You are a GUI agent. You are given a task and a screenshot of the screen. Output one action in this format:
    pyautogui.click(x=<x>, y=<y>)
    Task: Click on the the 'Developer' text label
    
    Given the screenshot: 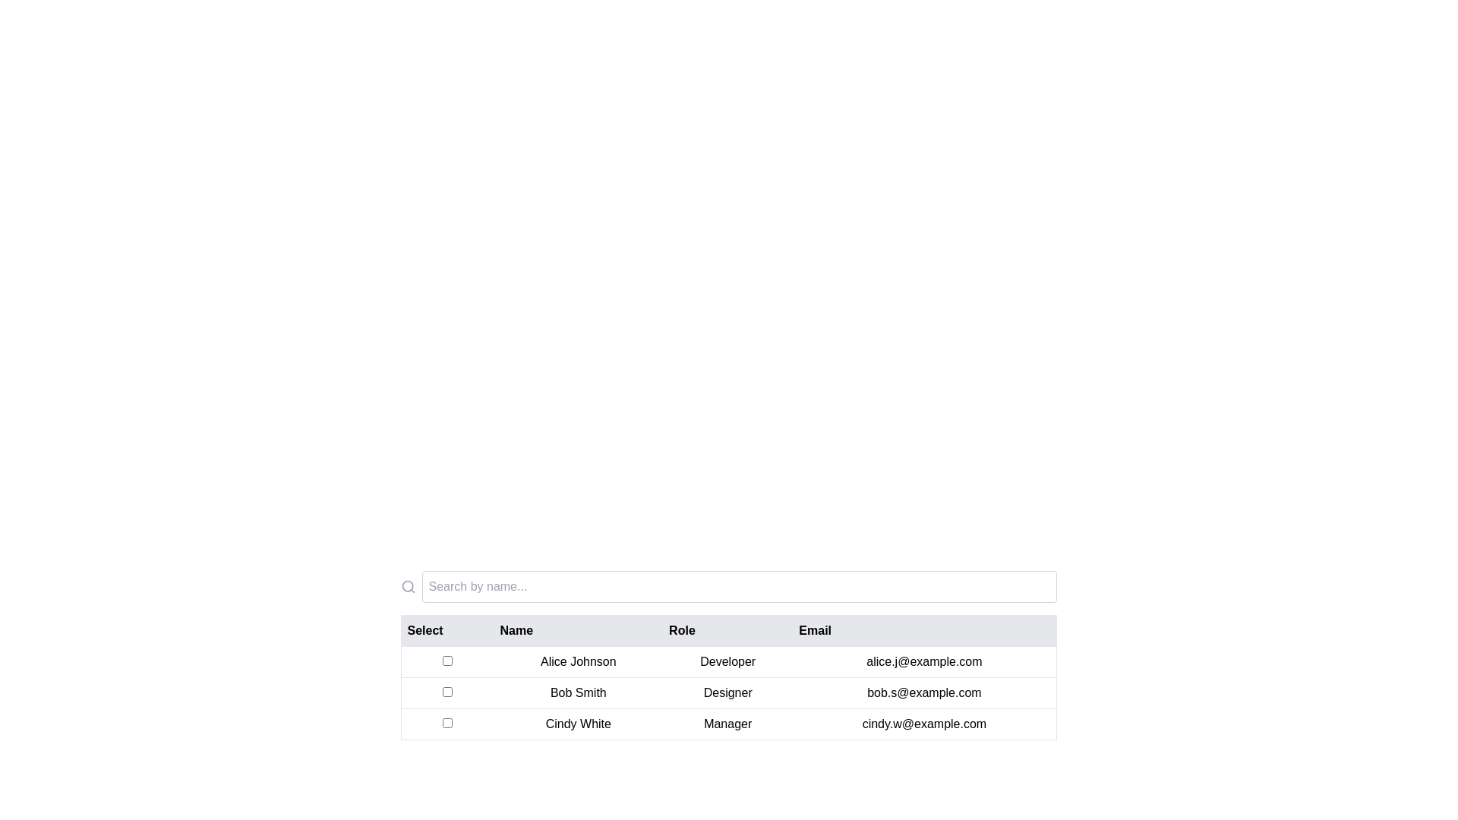 What is the action you would take?
    pyautogui.click(x=727, y=654)
    